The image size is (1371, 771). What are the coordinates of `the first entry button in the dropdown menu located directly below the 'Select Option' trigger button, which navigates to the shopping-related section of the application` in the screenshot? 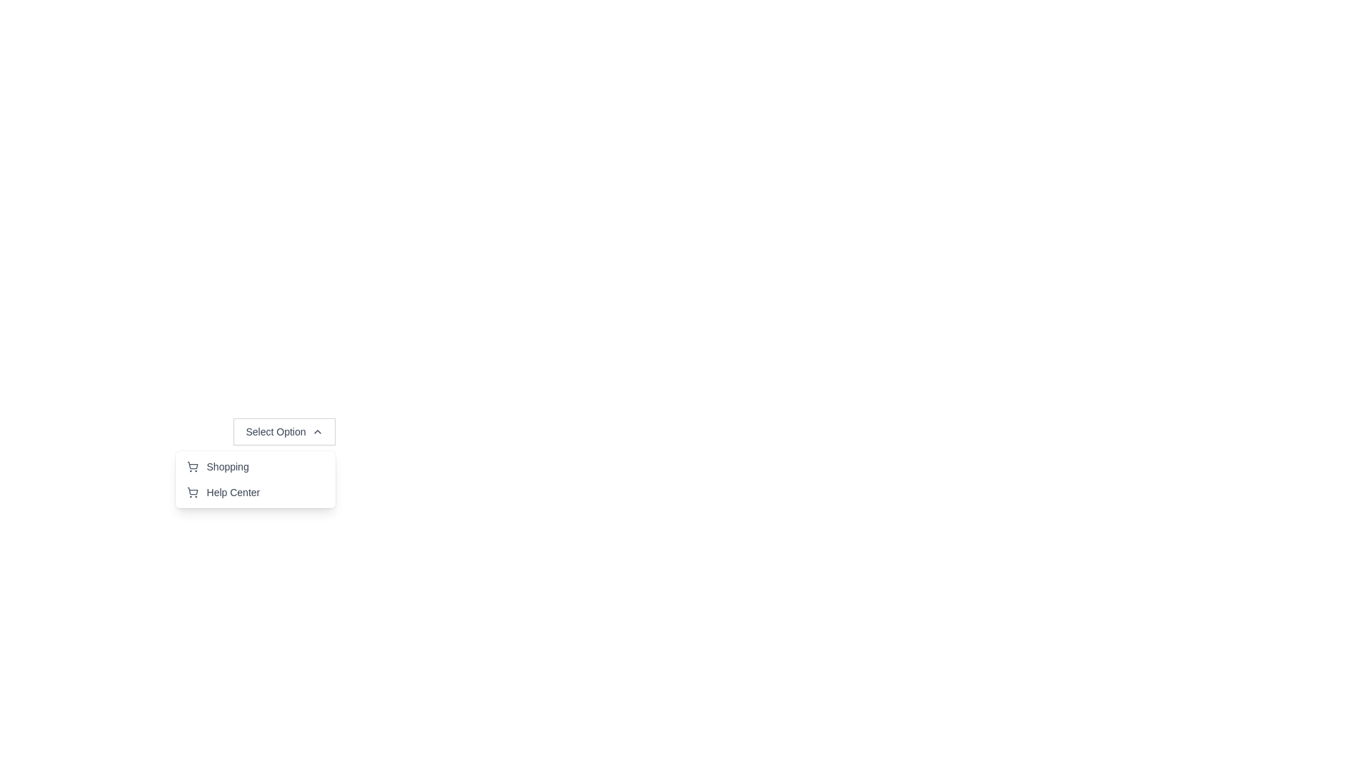 It's located at (217, 467).